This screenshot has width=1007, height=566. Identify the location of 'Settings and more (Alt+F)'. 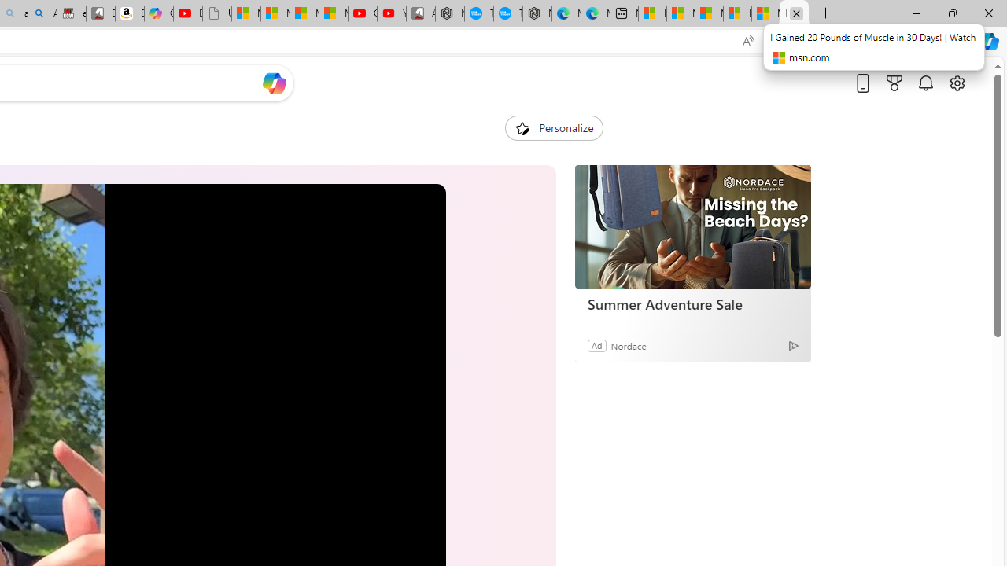
(956, 40).